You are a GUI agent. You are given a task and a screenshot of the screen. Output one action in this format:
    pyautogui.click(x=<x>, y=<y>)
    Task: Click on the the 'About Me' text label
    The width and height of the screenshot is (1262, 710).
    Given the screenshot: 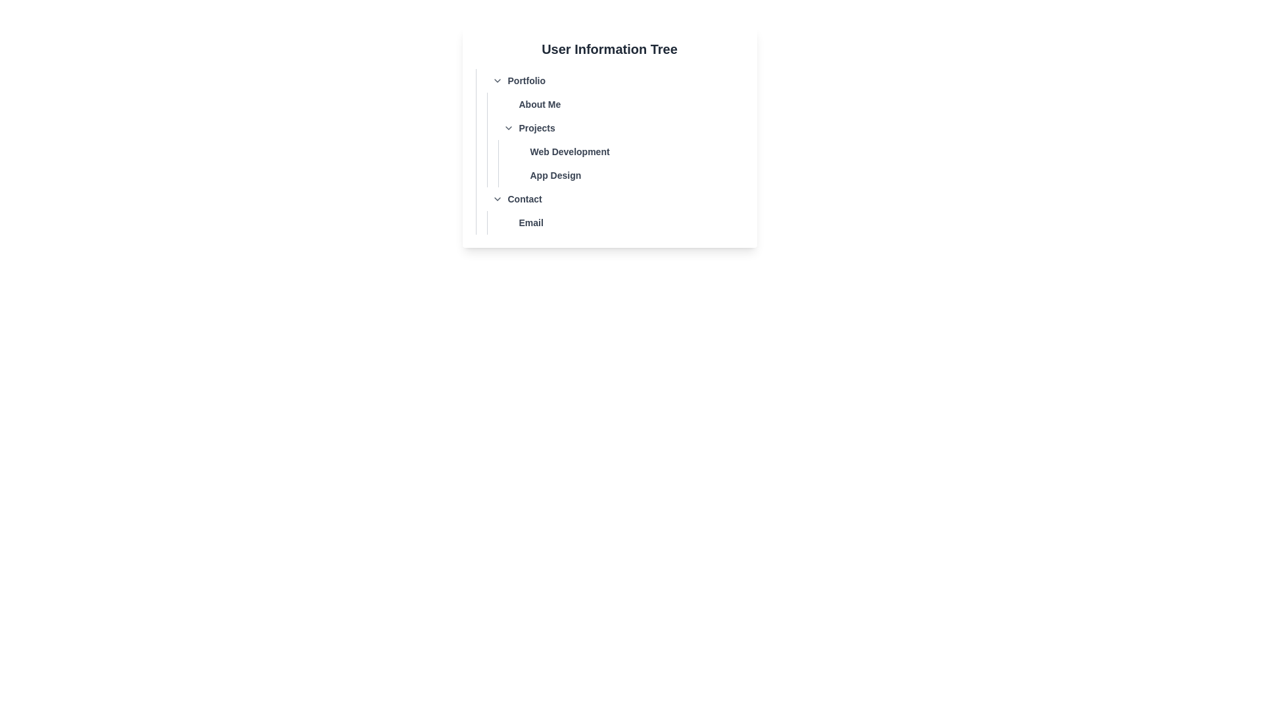 What is the action you would take?
    pyautogui.click(x=540, y=103)
    